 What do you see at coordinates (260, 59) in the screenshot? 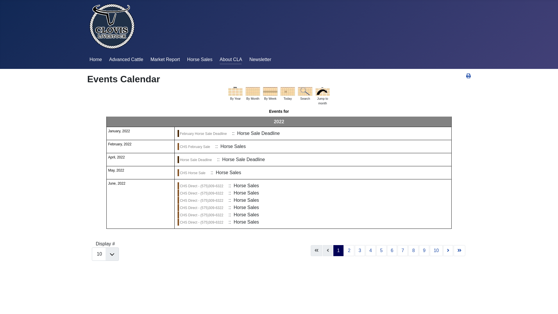
I see `'Newsletter'` at bounding box center [260, 59].